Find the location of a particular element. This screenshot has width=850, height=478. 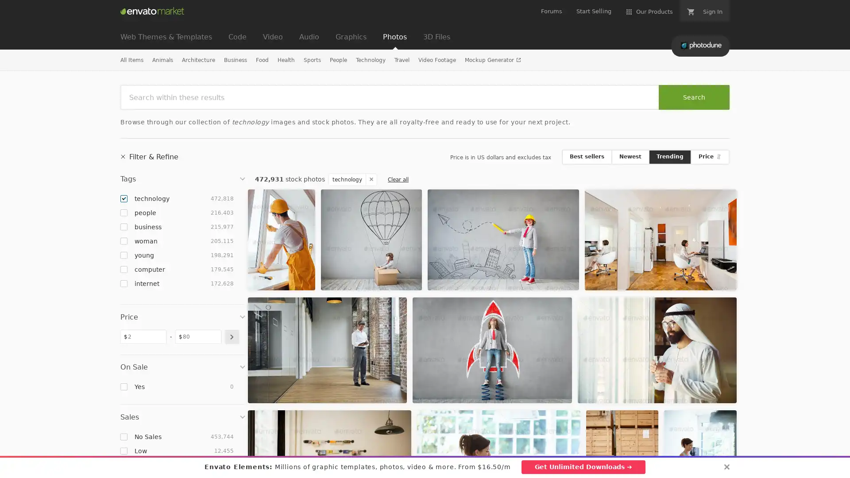

Add to Favorites is located at coordinates (394, 308).